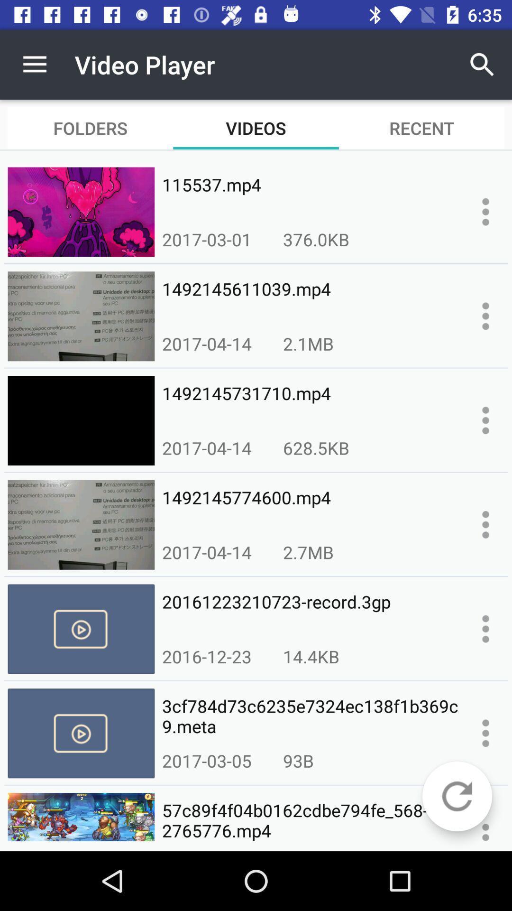 The image size is (512, 911). Describe the element at coordinates (485, 316) in the screenshot. I see `more information about the video` at that location.